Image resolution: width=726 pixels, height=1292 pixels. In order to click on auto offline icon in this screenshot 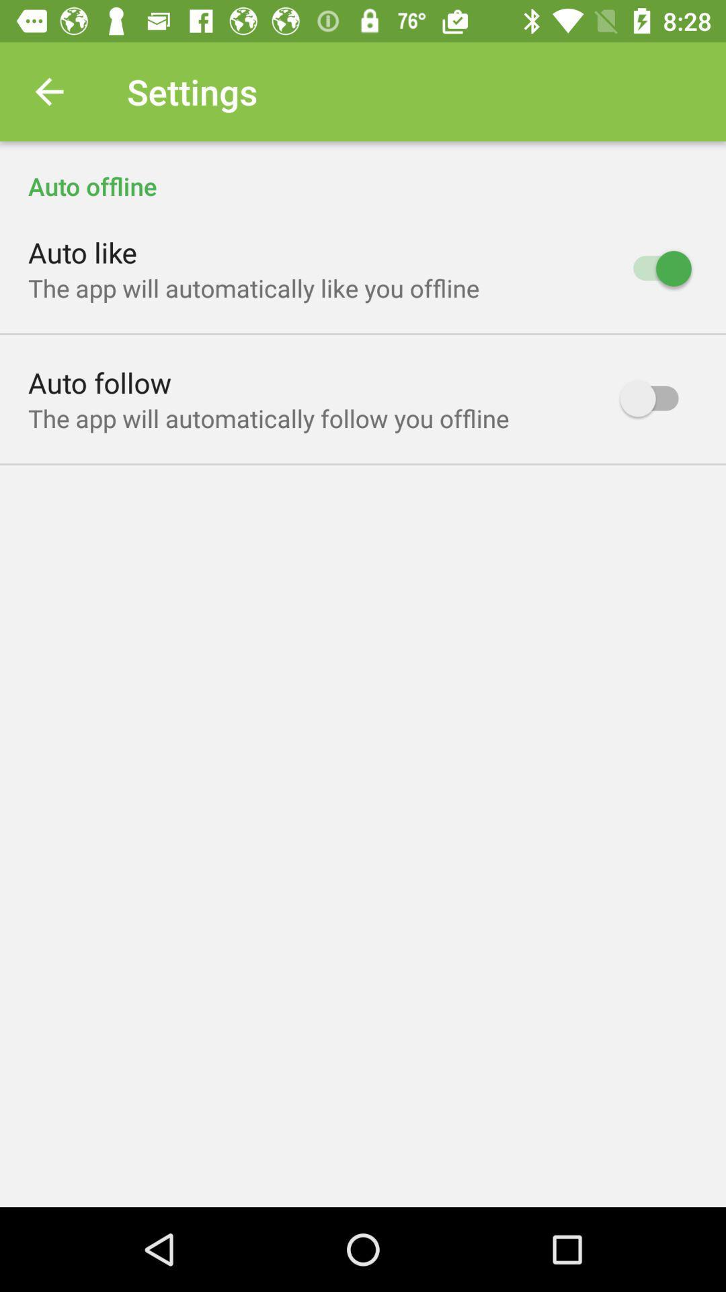, I will do `click(363, 171)`.